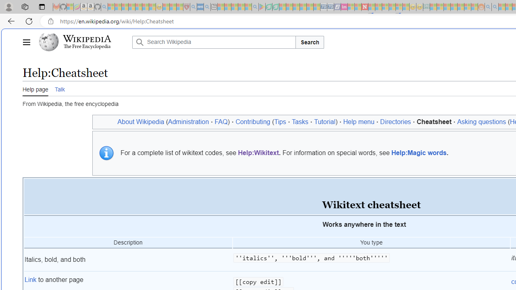  What do you see at coordinates (254, 7) in the screenshot?
I see `'google - Search - Sleeping'` at bounding box center [254, 7].